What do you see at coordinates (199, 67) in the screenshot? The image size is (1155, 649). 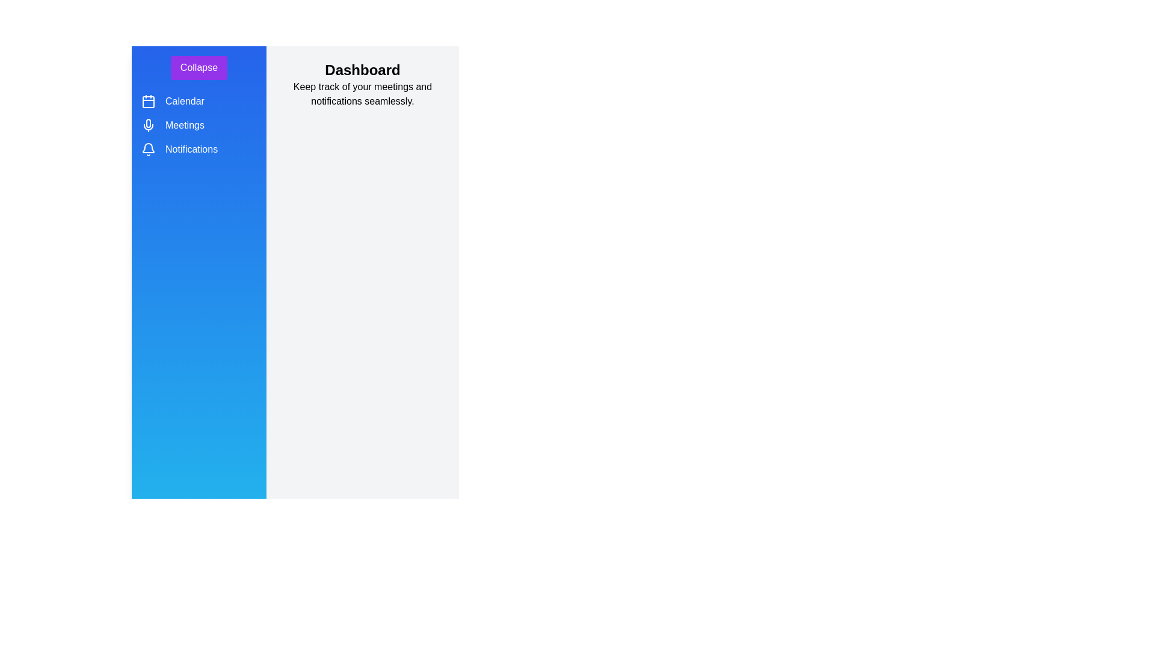 I see `the 'Collapse' button to toggle the drawer` at bounding box center [199, 67].